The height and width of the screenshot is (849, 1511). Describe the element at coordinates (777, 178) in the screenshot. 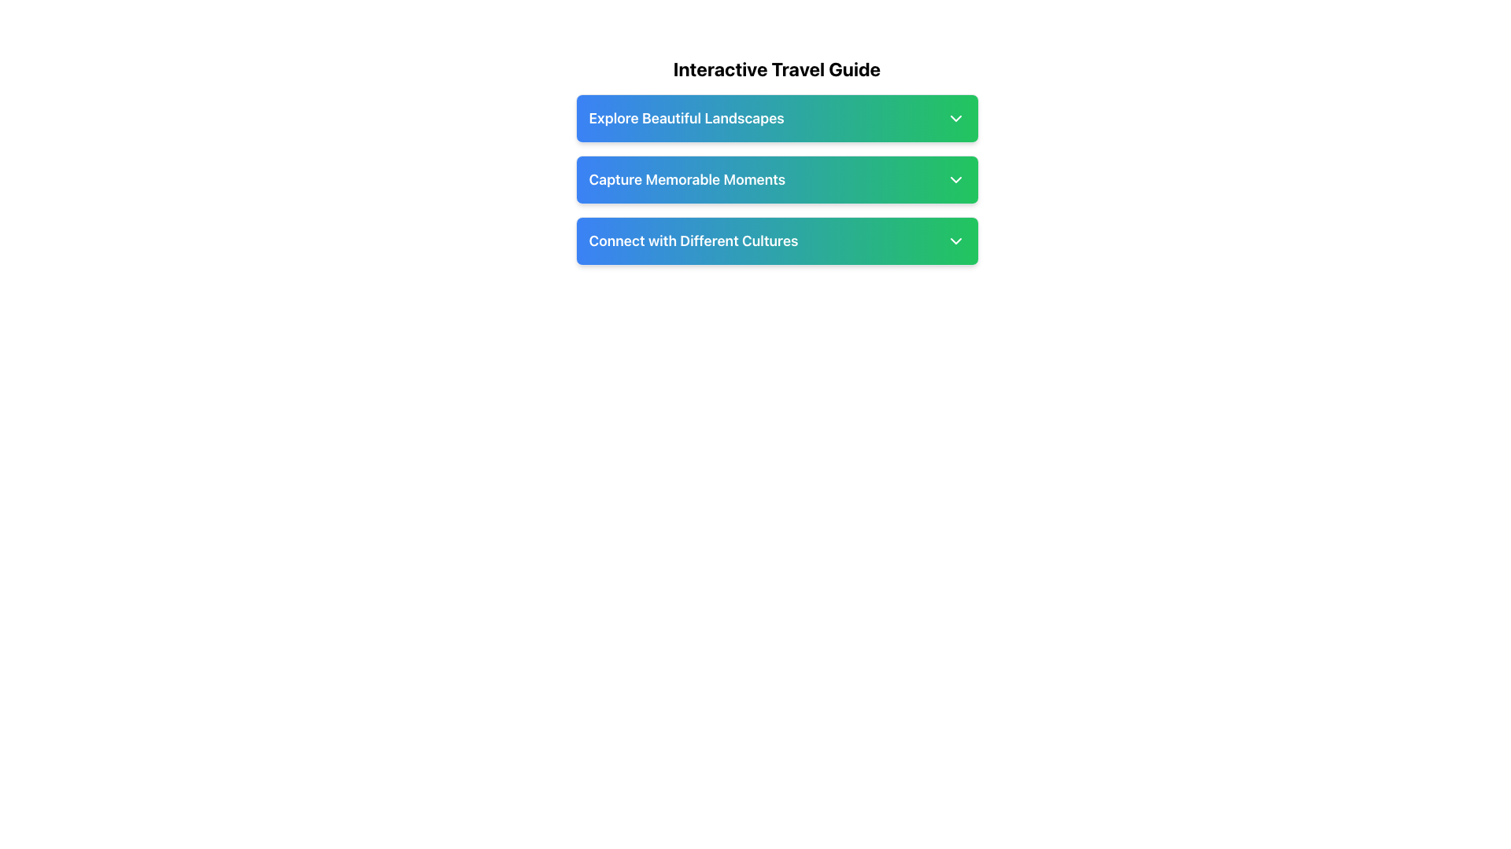

I see `the second item of the collapsible menu` at that location.